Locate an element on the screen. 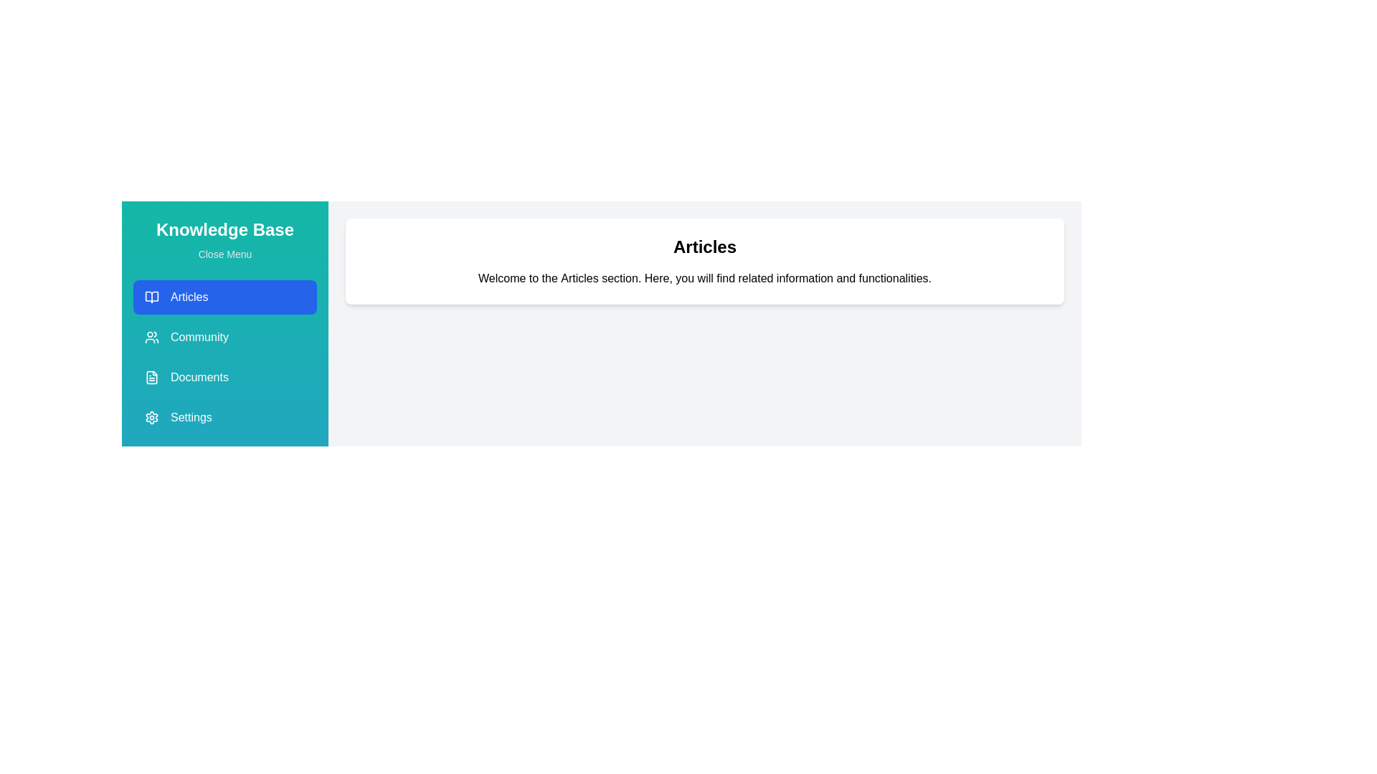 This screenshot has width=1377, height=774. the menu section Community is located at coordinates (224, 337).